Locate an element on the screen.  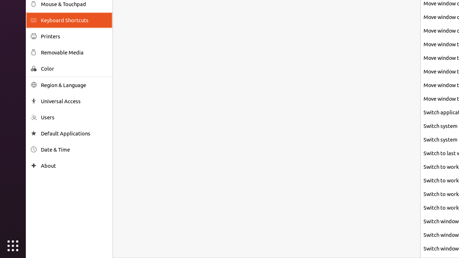
'Mouse & Touchpad' is located at coordinates (74, 4).